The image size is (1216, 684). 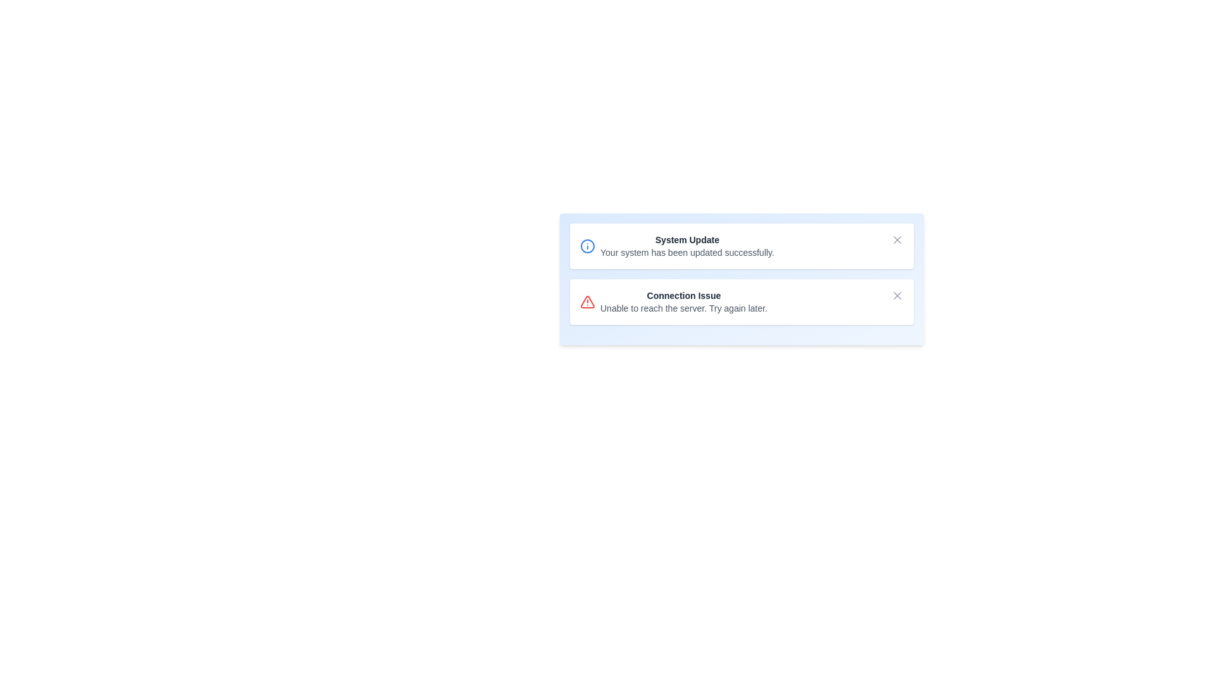 I want to click on close button for the notification titled 'System Update', so click(x=896, y=239).